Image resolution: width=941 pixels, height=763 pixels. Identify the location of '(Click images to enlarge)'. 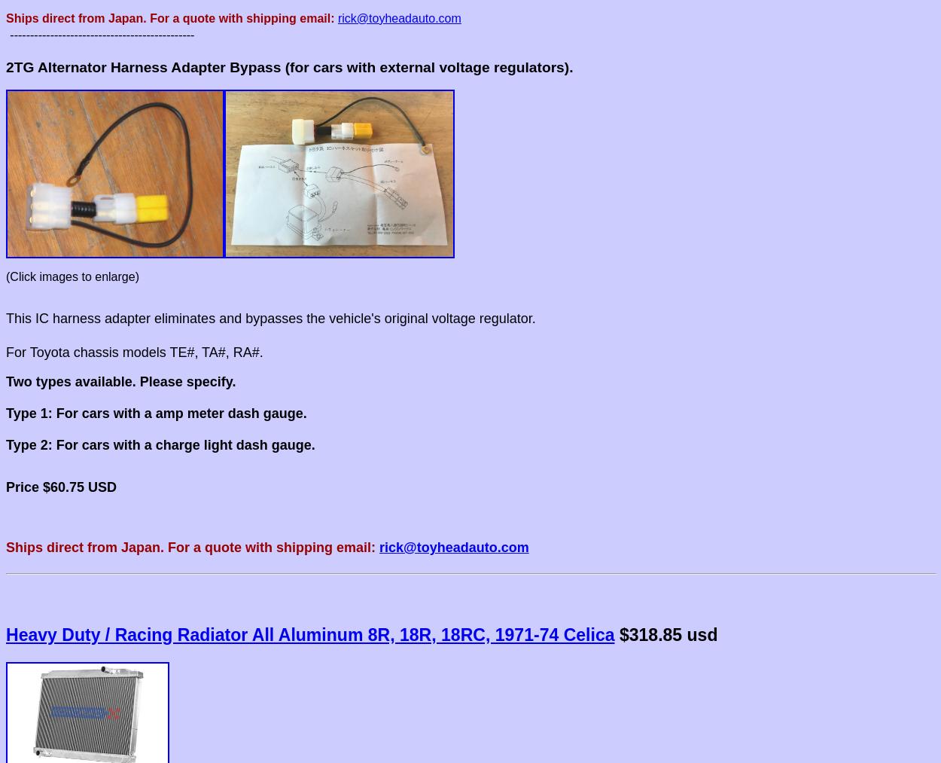
(71, 276).